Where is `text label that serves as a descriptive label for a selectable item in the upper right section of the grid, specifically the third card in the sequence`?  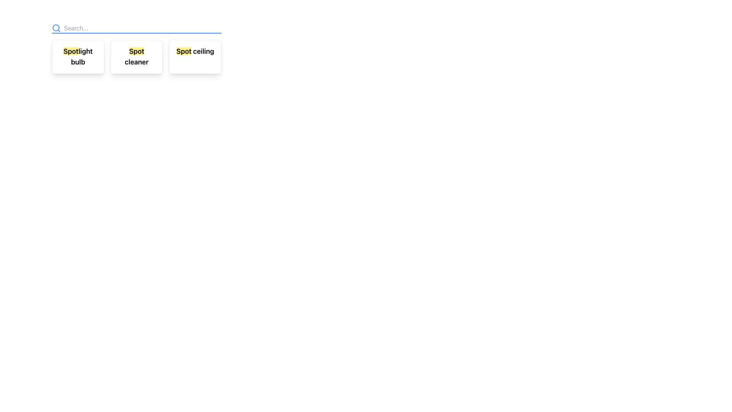
text label that serves as a descriptive label for a selectable item in the upper right section of the grid, specifically the third card in the sequence is located at coordinates (195, 51).